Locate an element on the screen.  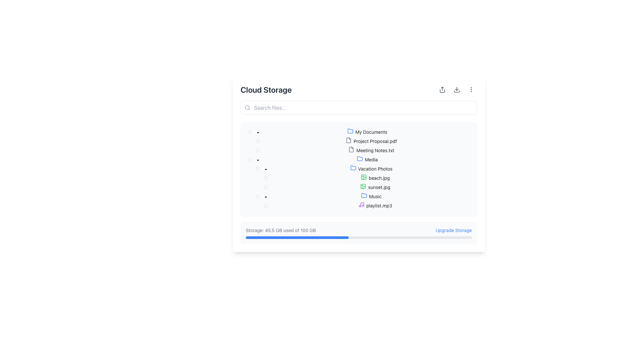
the downward-pointing caret icon next to the 'Vacation Photos' folder is located at coordinates (258, 160).